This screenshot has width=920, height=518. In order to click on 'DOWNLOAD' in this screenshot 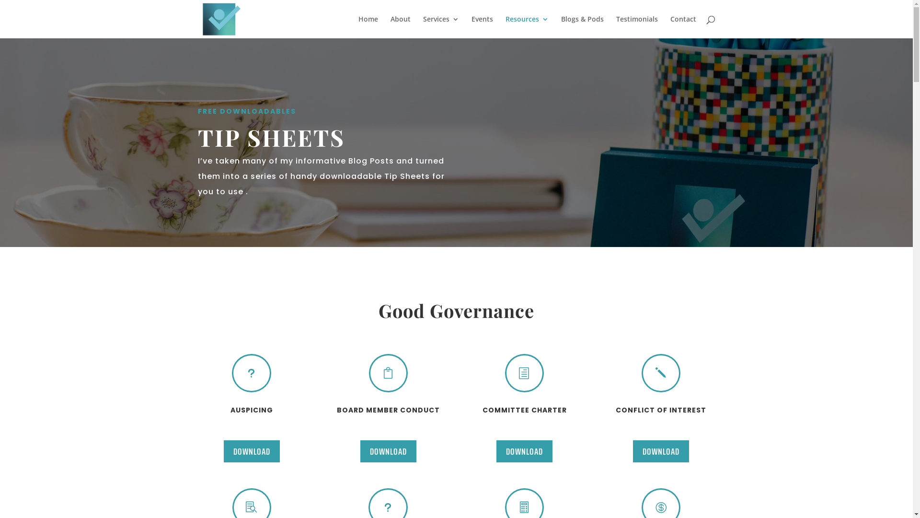, I will do `click(388, 451)`.